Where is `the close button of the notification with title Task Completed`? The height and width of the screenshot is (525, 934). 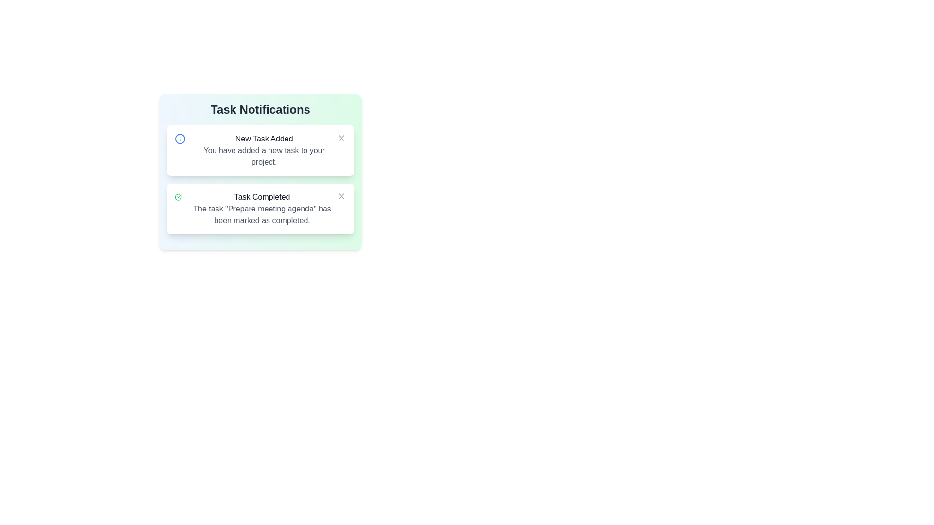
the close button of the notification with title Task Completed is located at coordinates (341, 196).